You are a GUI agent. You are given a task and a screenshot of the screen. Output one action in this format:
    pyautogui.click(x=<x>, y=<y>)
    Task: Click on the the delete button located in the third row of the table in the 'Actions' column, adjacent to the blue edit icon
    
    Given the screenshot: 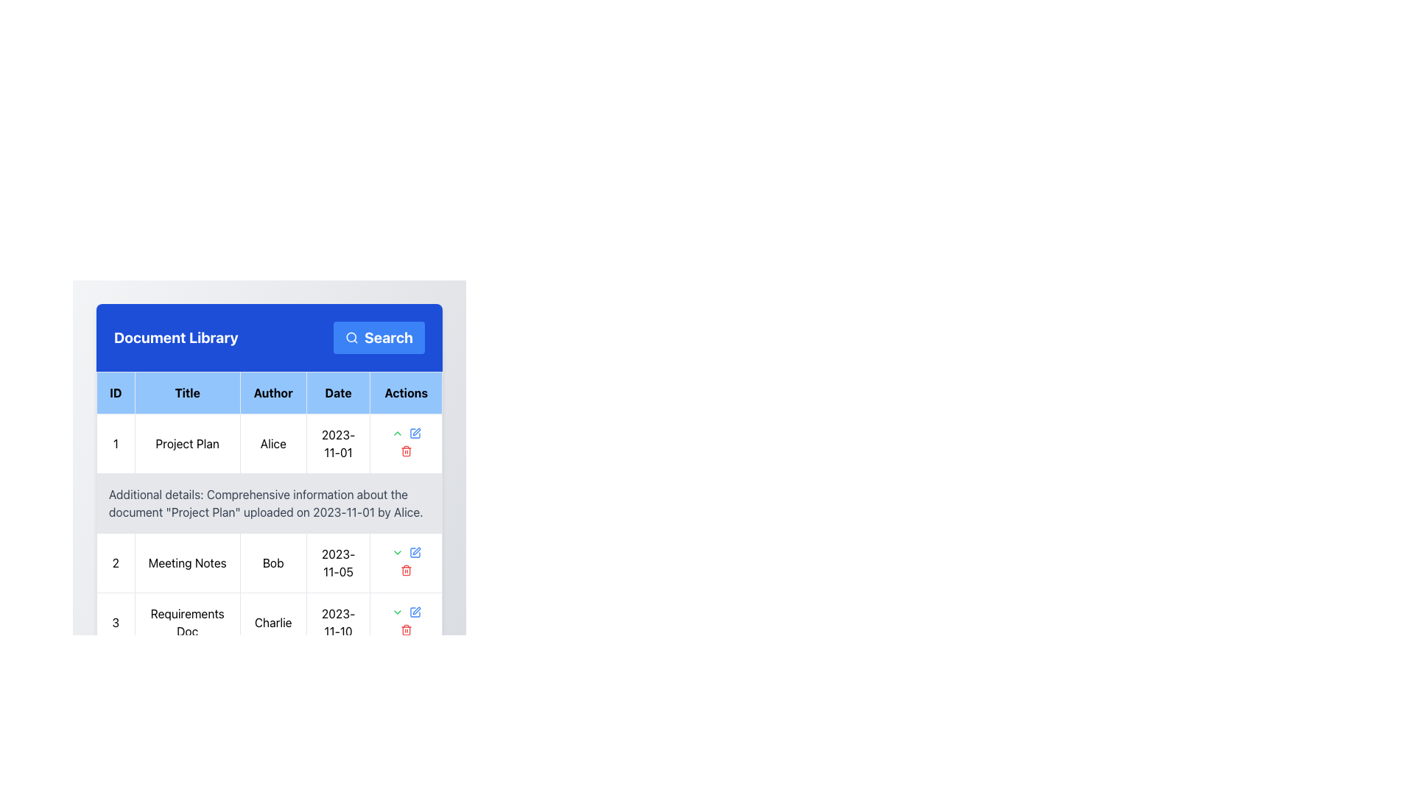 What is the action you would take?
    pyautogui.click(x=406, y=570)
    